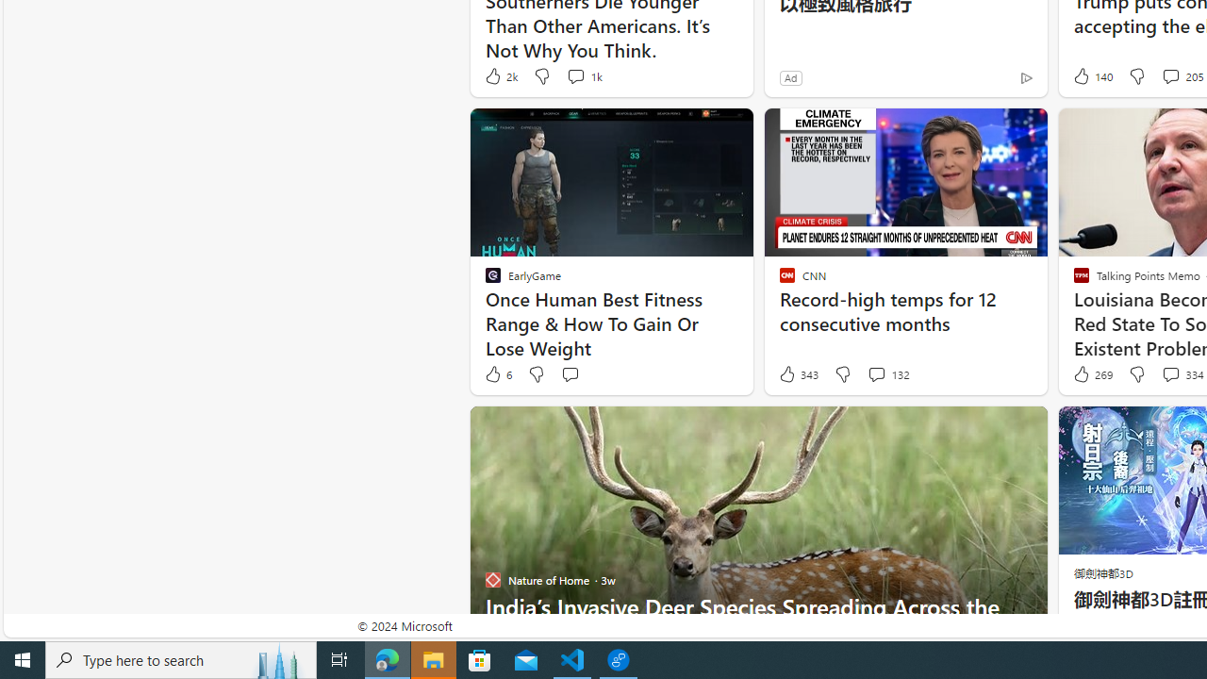 This screenshot has height=679, width=1207. What do you see at coordinates (500, 75) in the screenshot?
I see `'2k Like'` at bounding box center [500, 75].